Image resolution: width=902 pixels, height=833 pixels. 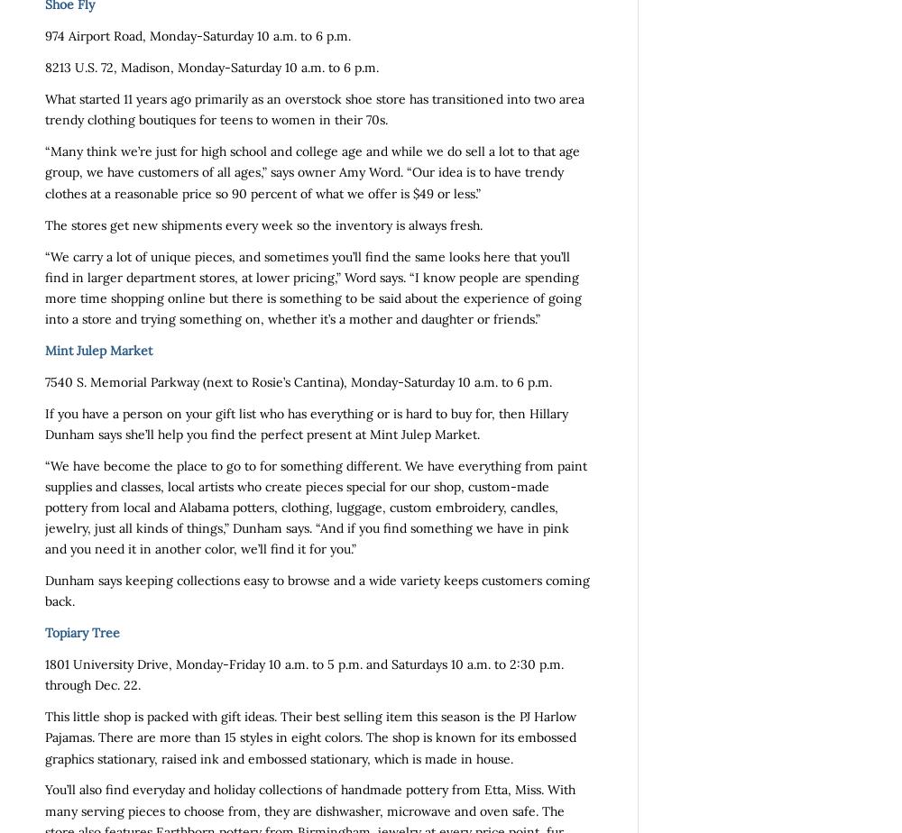 I want to click on 'This little shop is packed with gift ideas. Their best selling item this season is the PJ Harlow Pajamas. There are more than 15 styles in eight colors. The shop is known for its embossed graphics stationary, raised ink and embossed stationary, which is made in house.', so click(x=45, y=737).